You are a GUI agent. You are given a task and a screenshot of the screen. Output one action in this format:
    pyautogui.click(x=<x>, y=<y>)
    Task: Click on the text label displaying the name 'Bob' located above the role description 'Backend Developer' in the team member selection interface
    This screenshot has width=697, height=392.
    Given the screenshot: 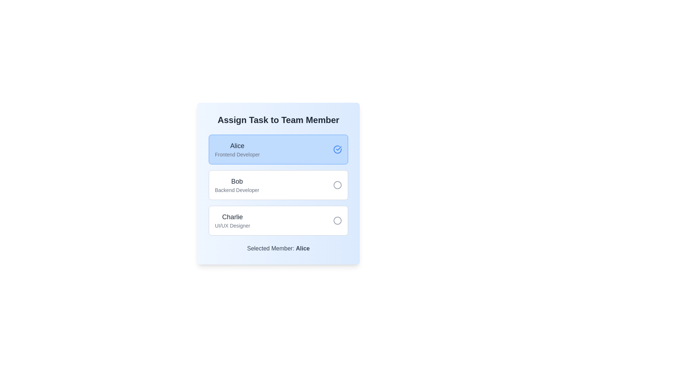 What is the action you would take?
    pyautogui.click(x=237, y=181)
    